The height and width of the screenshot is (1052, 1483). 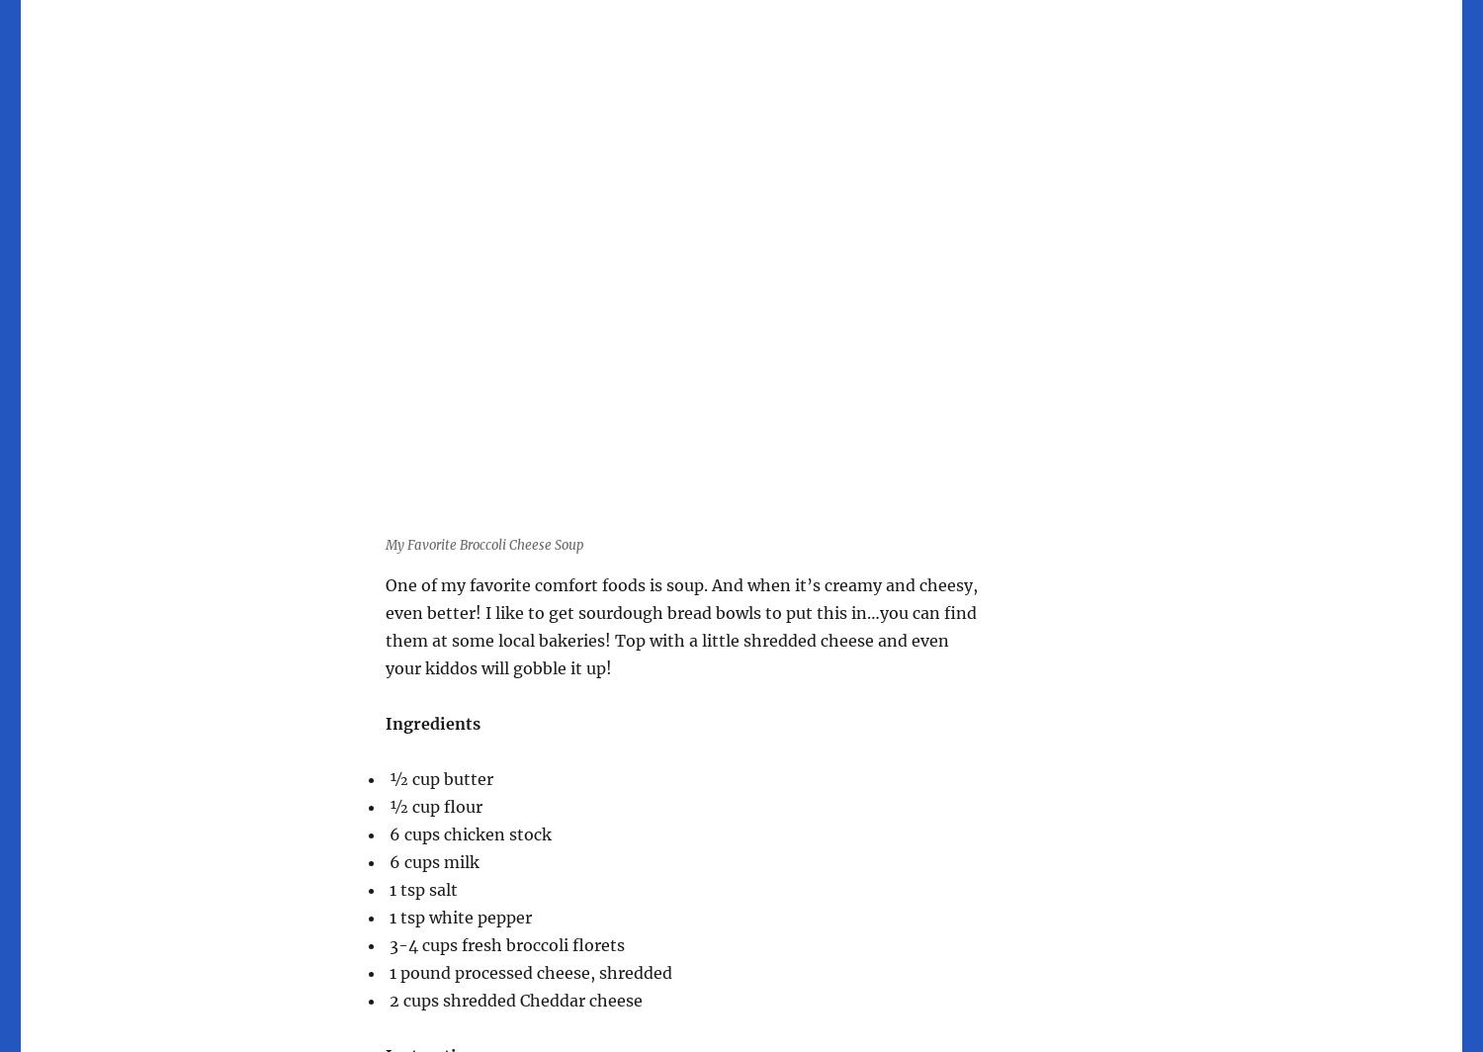 What do you see at coordinates (680, 627) in the screenshot?
I see `'One of my favorite comfort foods is soup. And when it’s creamy and cheesy, even better! I like to get sourdough bread bowls to put this in…you can find them at some local bakeries! Top with a little shredded cheese and even your kiddos will gobble it up!'` at bounding box center [680, 627].